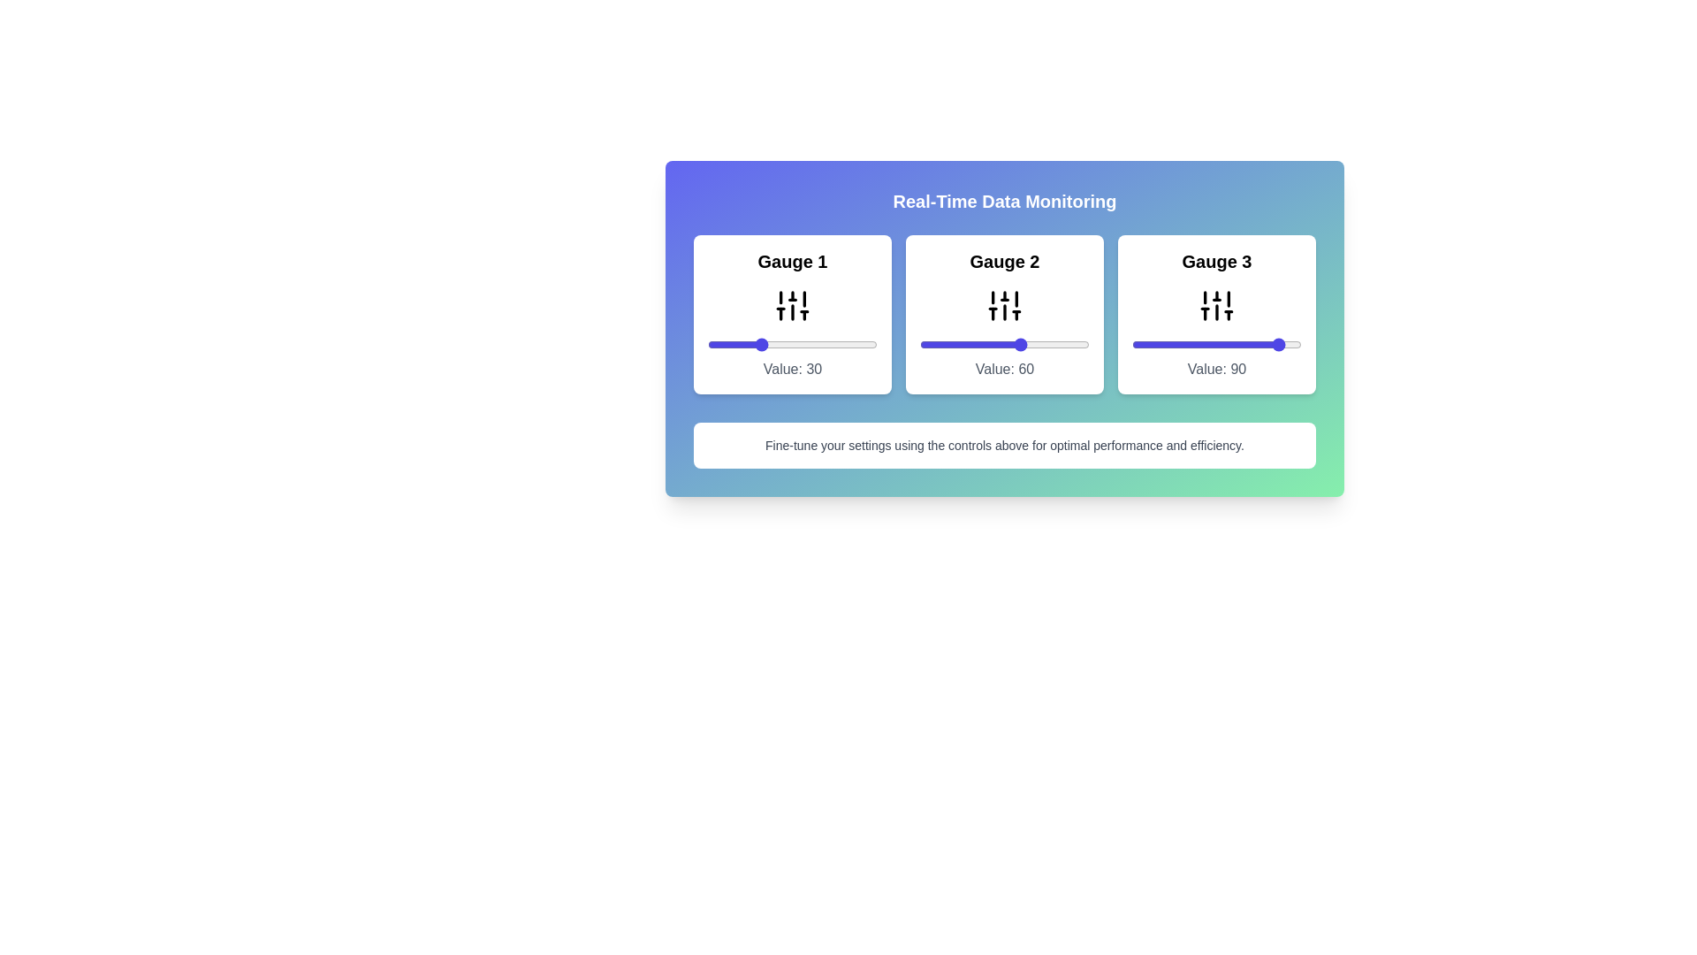  Describe the element at coordinates (1206, 344) in the screenshot. I see `the slider's value` at that location.